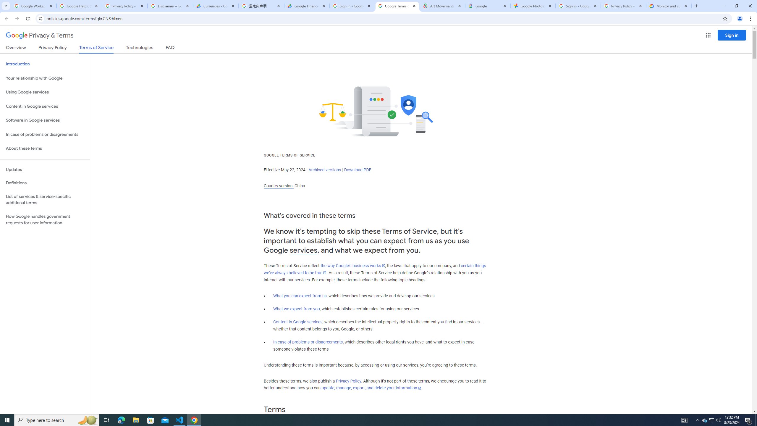 This screenshot has width=757, height=426. Describe the element at coordinates (303, 250) in the screenshot. I see `'services'` at that location.